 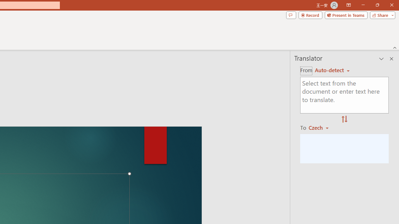 I want to click on 'Comments', so click(x=291, y=15).